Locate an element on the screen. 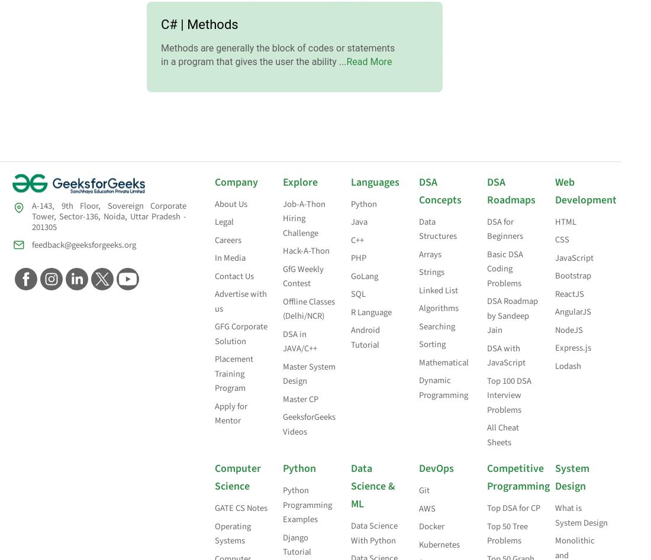 This screenshot has width=651, height=560. 'ReactJS' is located at coordinates (555, 293).